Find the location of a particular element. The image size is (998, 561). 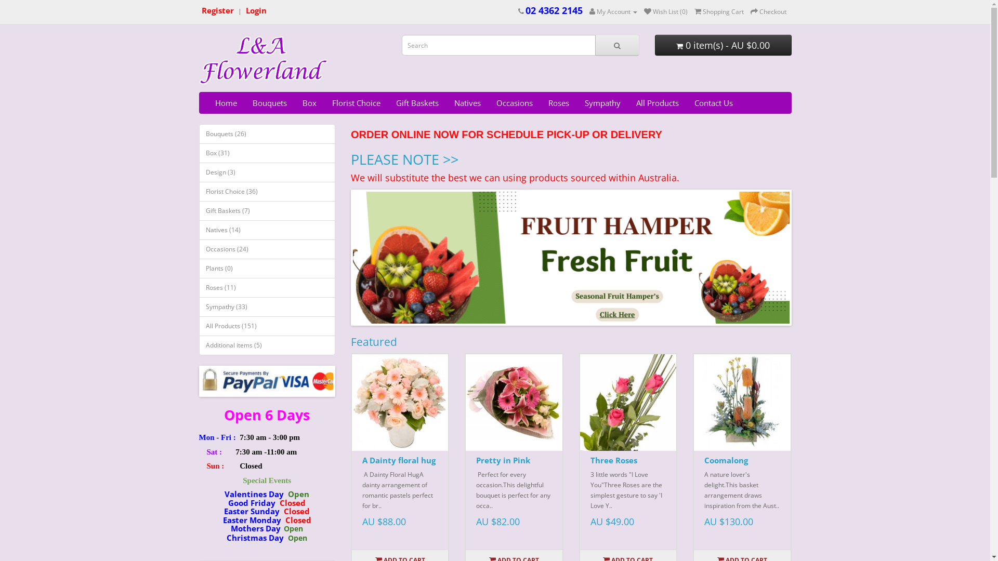

'Occasions (24)' is located at coordinates (267, 249).